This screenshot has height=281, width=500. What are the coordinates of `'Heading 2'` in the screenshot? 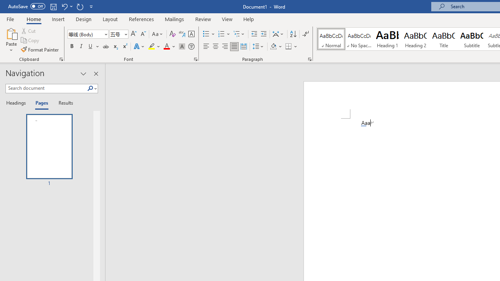 It's located at (415, 39).